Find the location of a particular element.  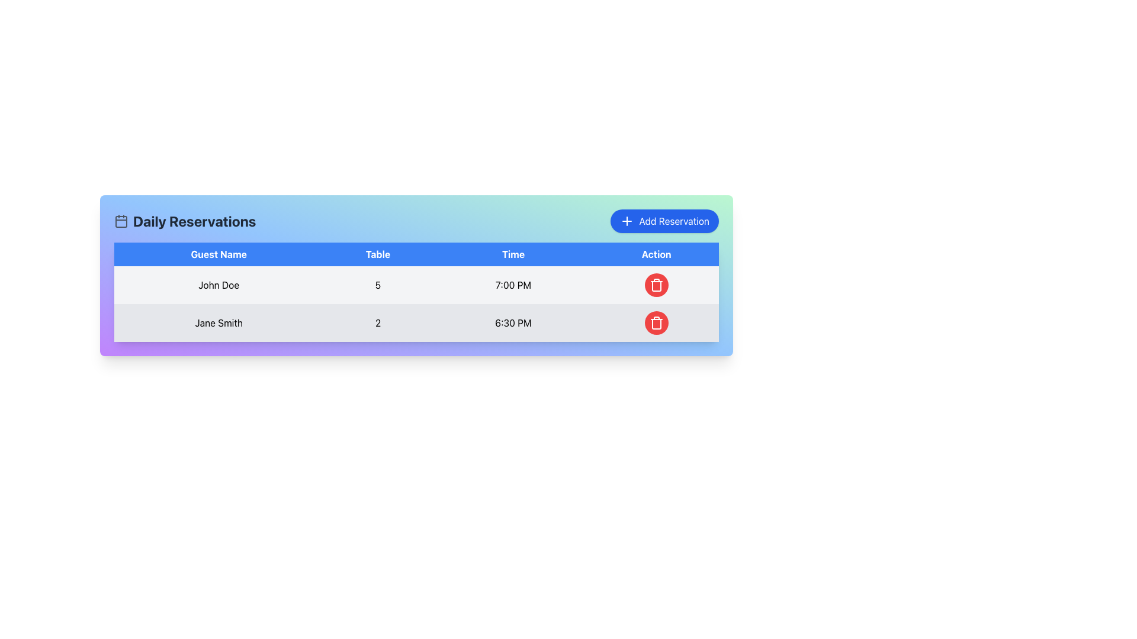

the delete button in the 'Action' column for the row corresponding to 'Jane Smith' is located at coordinates (656, 323).